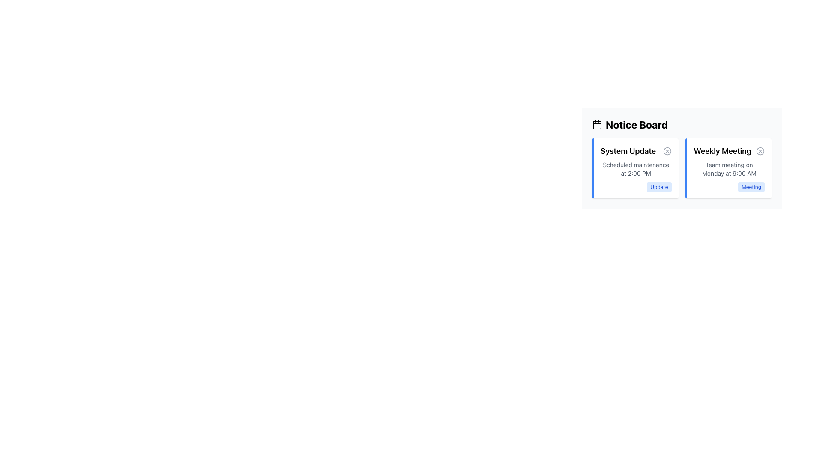 Image resolution: width=823 pixels, height=463 pixels. Describe the element at coordinates (658, 186) in the screenshot. I see `the 'Update' button located at the bottom-right corner of the 'System Update' card in the Notice Board section` at that location.